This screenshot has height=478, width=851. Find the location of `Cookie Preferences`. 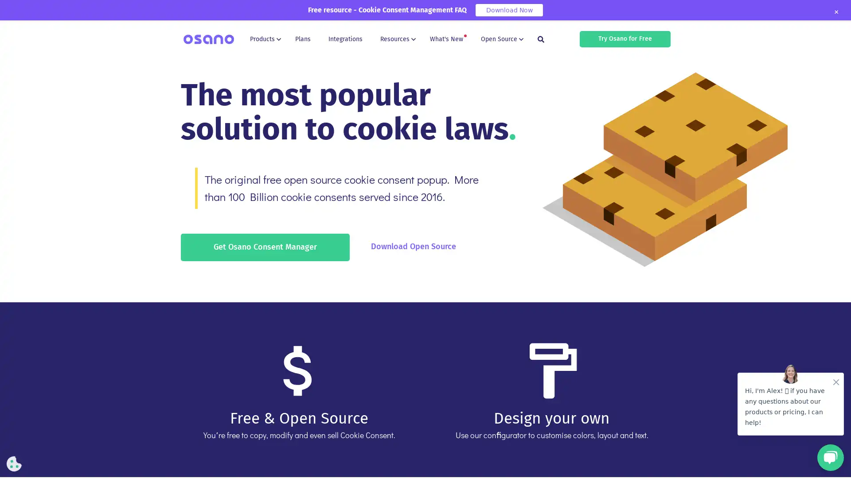

Cookie Preferences is located at coordinates (14, 463).